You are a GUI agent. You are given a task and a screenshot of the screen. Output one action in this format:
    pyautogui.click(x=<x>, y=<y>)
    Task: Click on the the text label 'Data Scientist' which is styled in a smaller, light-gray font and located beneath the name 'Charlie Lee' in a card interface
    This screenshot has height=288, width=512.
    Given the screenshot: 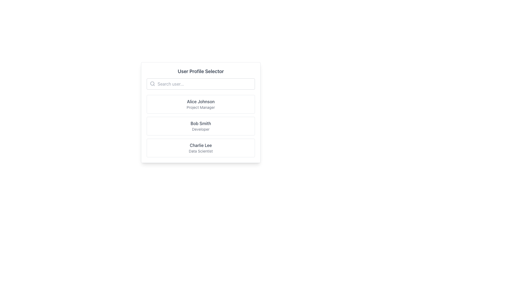 What is the action you would take?
    pyautogui.click(x=201, y=151)
    